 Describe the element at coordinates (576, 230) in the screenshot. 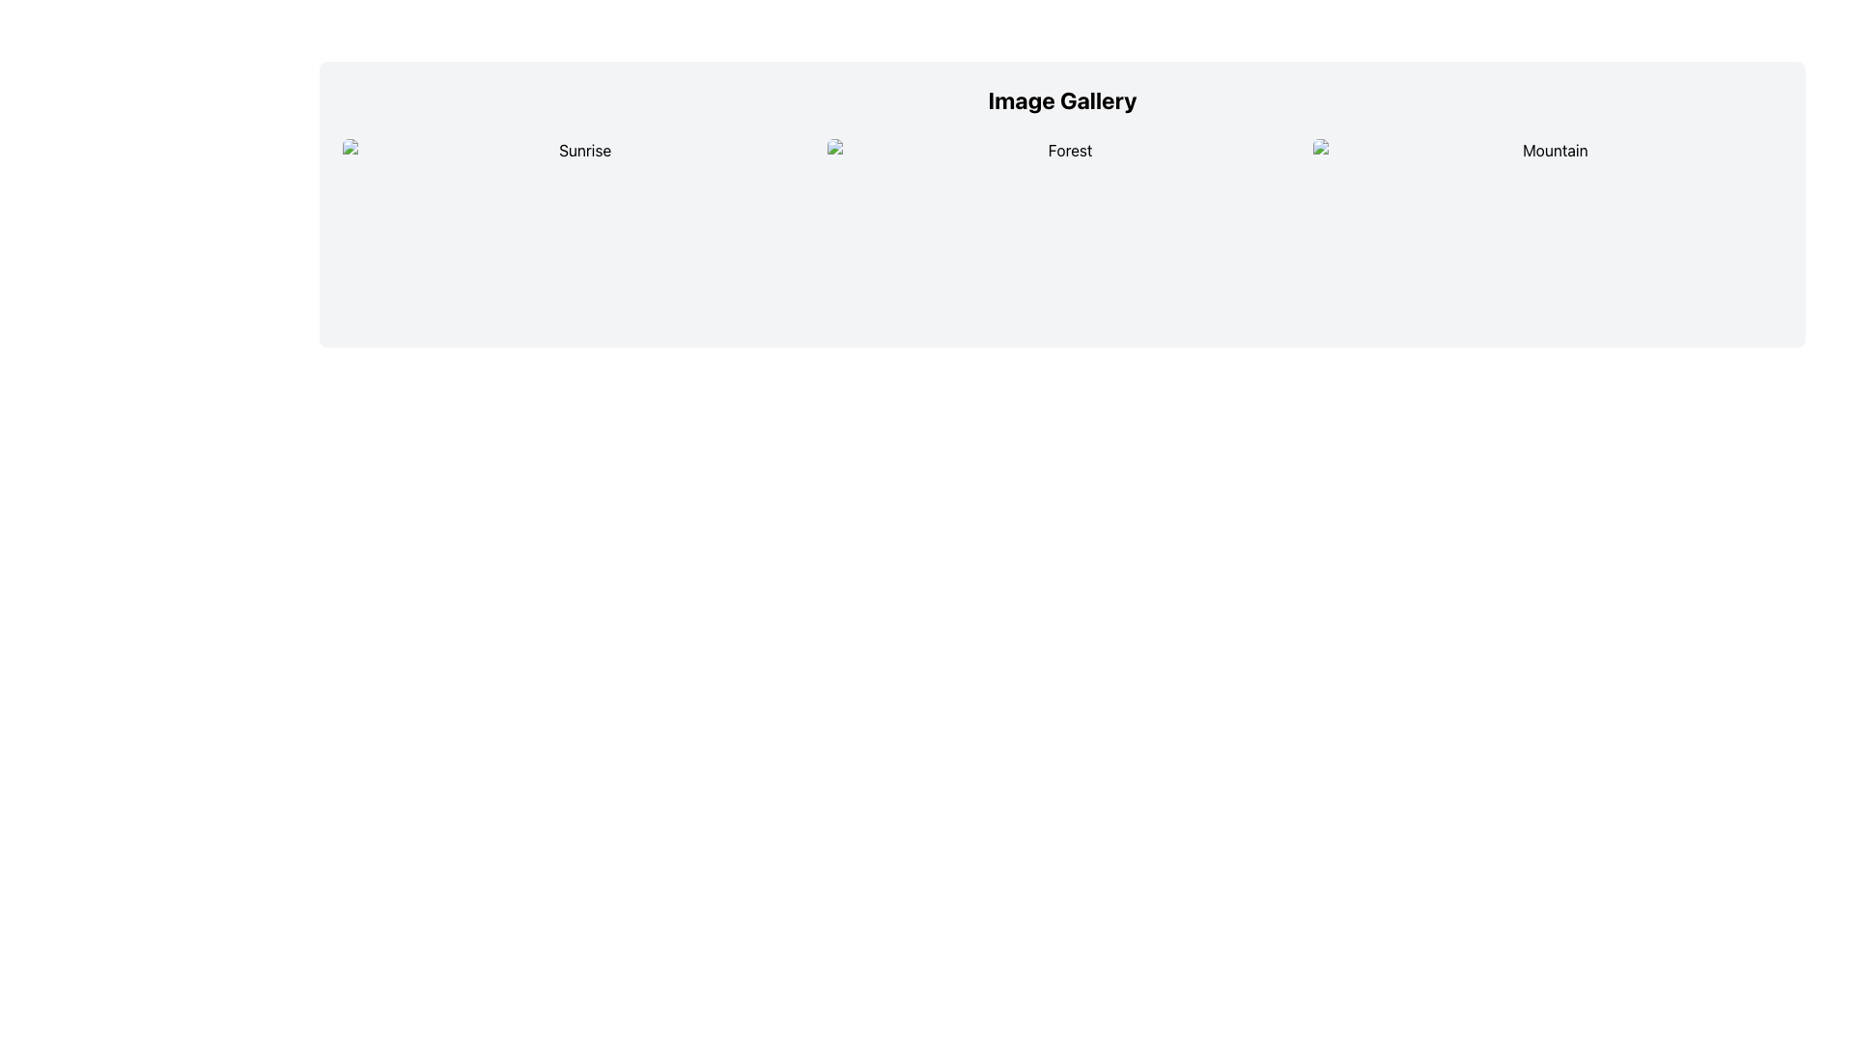

I see `the 'Sunrise' image card located in the 'Image Gallery' section, which is the first card in a row of three cards` at that location.